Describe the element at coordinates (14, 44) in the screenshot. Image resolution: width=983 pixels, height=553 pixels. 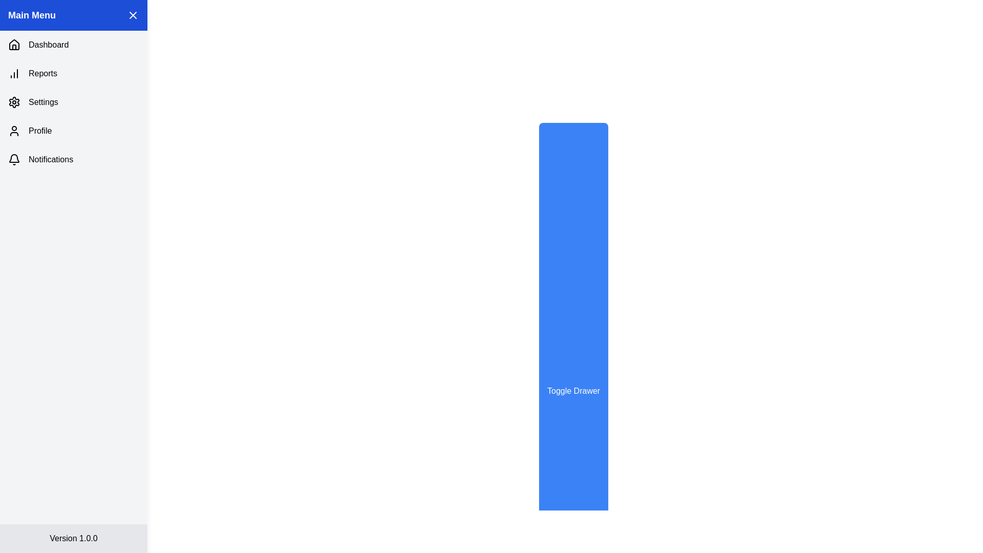
I see `the 'Home' icon, which is a minimalistic vector graphic resembling a house` at that location.